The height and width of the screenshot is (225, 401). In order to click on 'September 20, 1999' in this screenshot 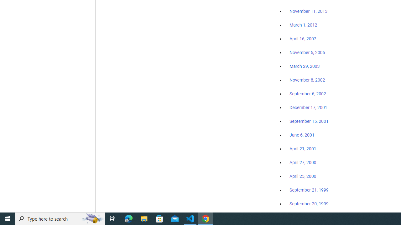, I will do `click(309, 203)`.